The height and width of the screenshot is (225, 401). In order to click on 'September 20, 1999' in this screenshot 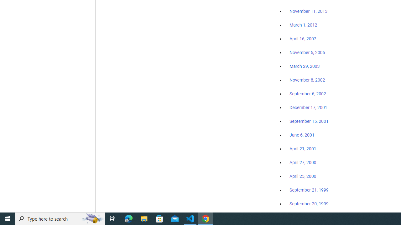, I will do `click(309, 203)`.